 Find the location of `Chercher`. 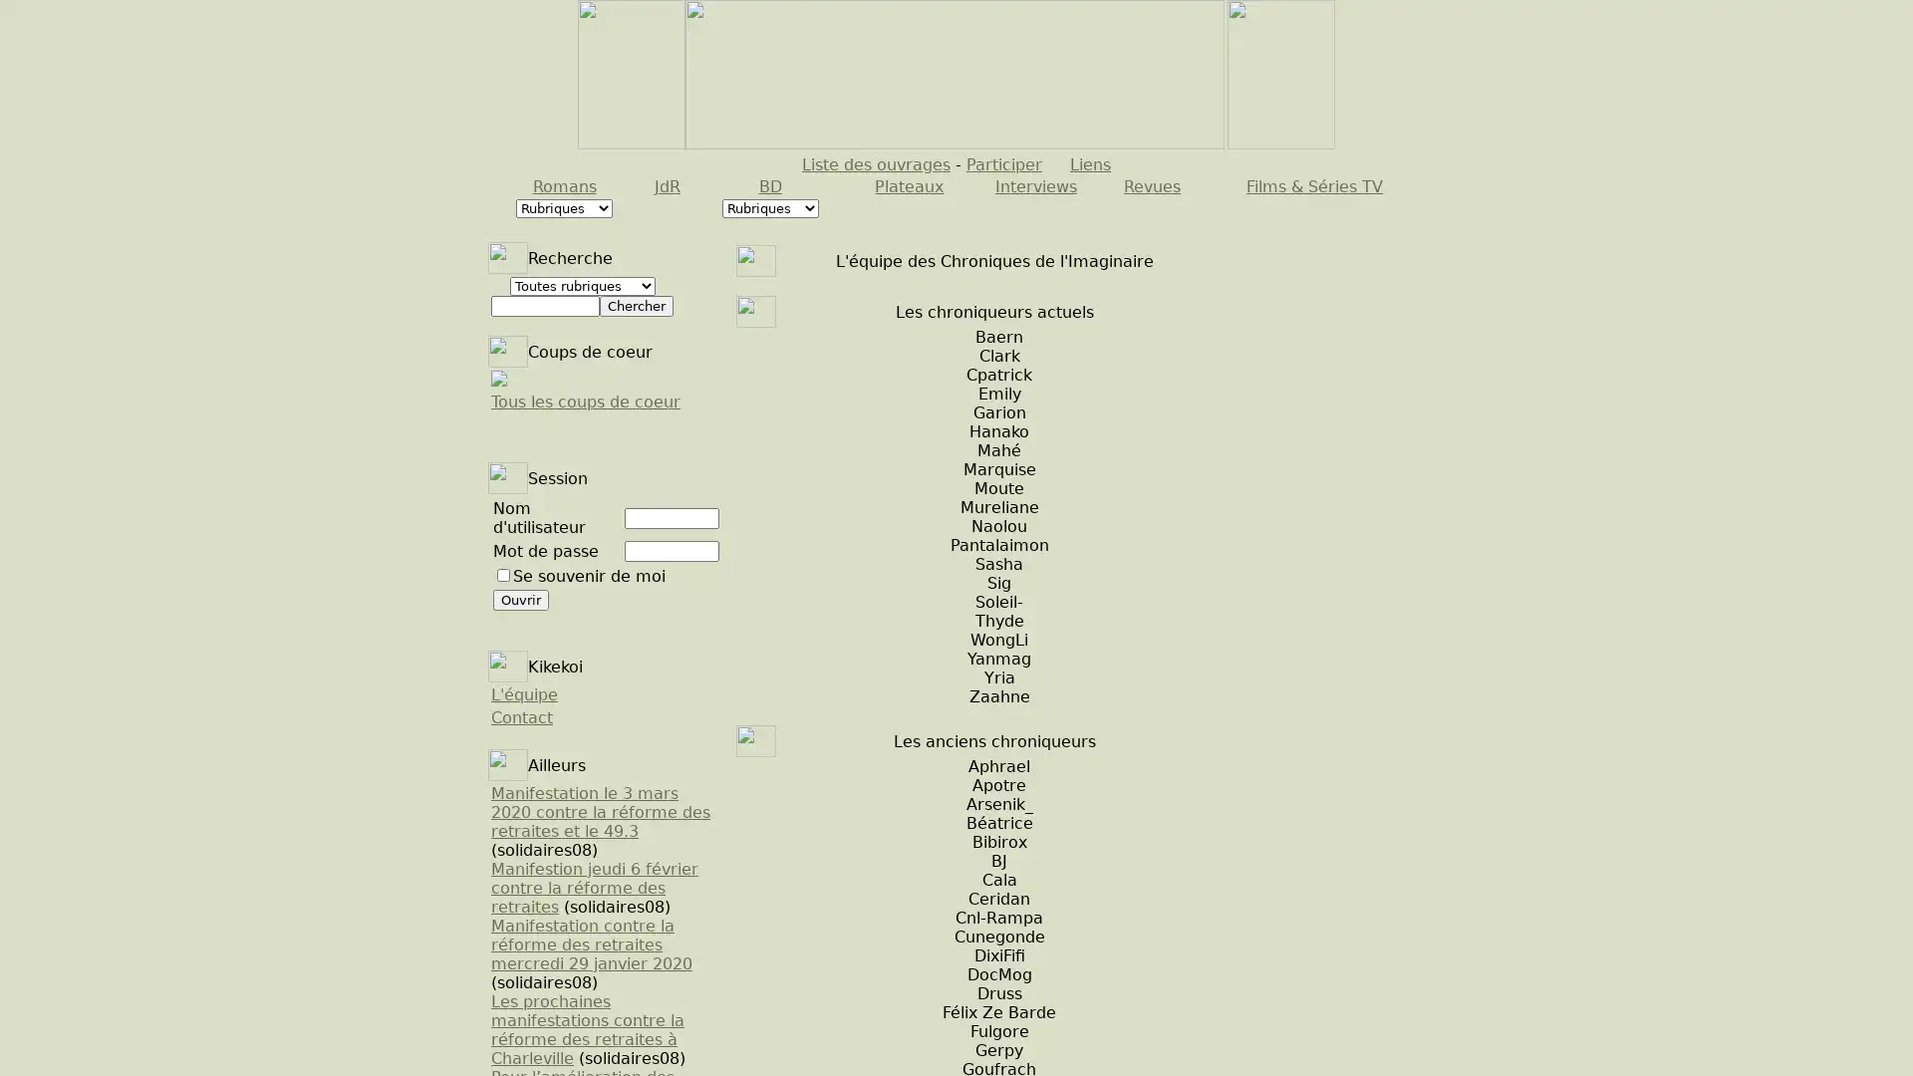

Chercher is located at coordinates (635, 306).